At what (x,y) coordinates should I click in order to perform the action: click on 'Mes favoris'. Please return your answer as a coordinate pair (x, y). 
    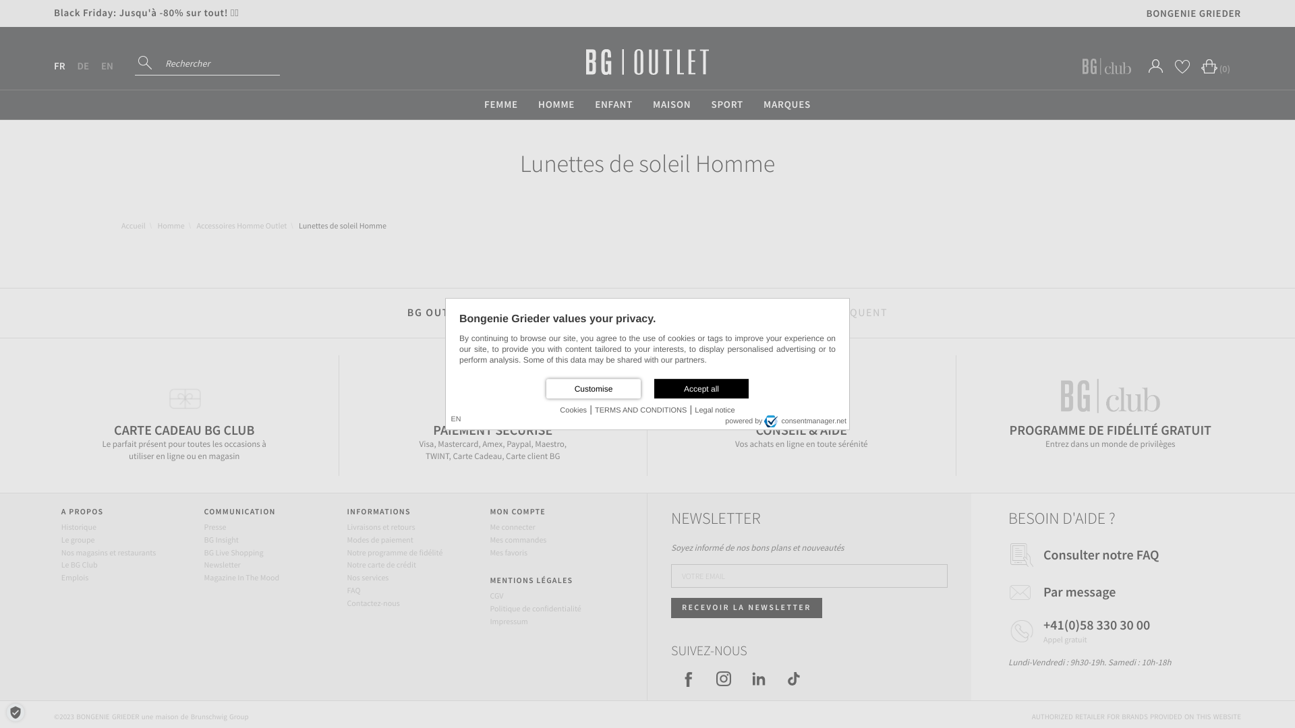
    Looking at the image, I should click on (507, 553).